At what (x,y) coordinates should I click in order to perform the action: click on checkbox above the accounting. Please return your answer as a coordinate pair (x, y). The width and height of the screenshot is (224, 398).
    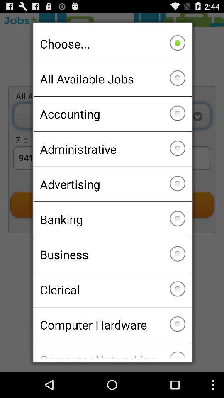
    Looking at the image, I should click on (112, 79).